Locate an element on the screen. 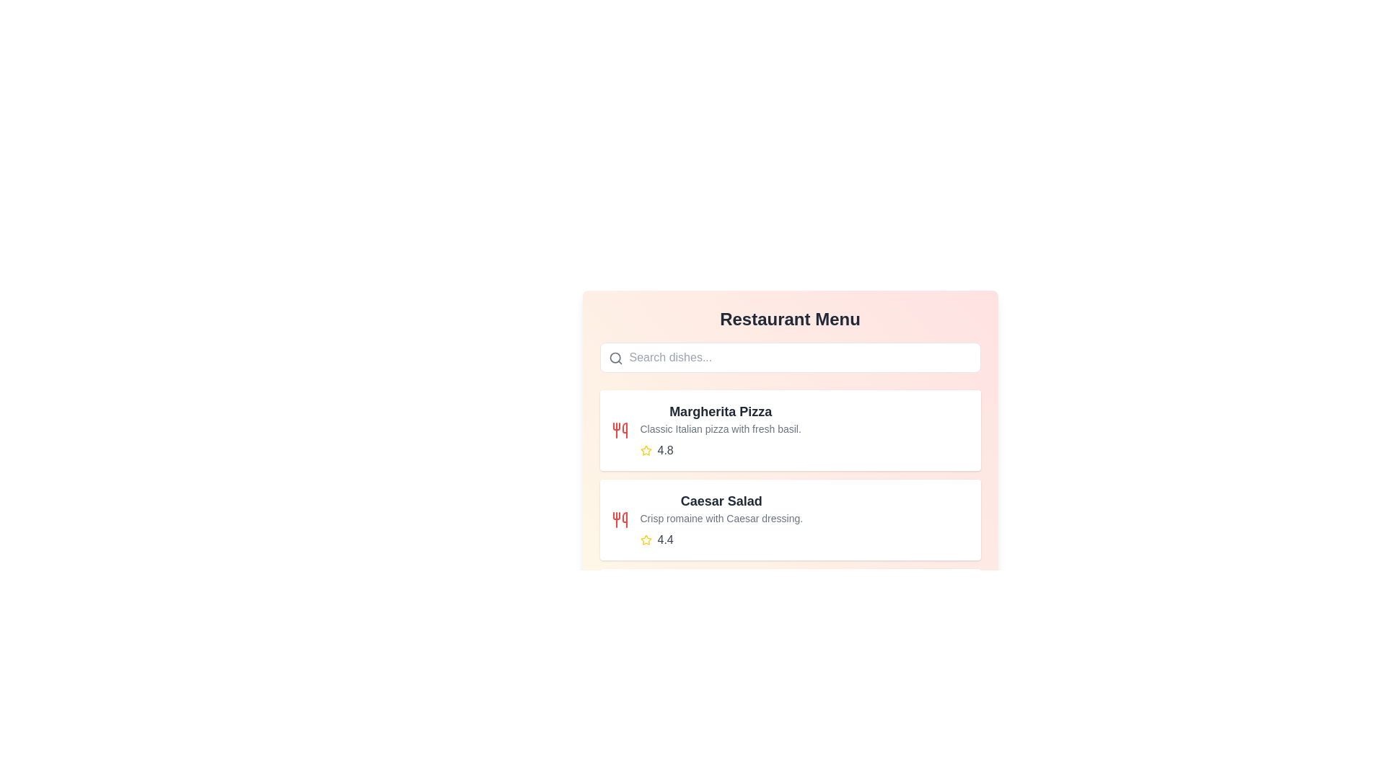 The height and width of the screenshot is (779, 1385). the Item Display Card for Margherita Pizza, which is the top item in the vertical list of food items on the main menu interface is located at coordinates (721, 430).